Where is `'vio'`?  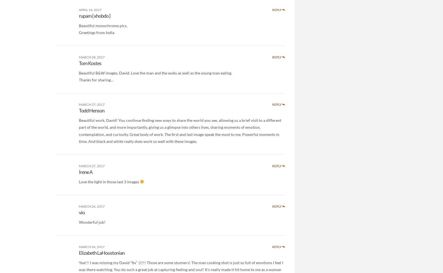
'vio' is located at coordinates (79, 212).